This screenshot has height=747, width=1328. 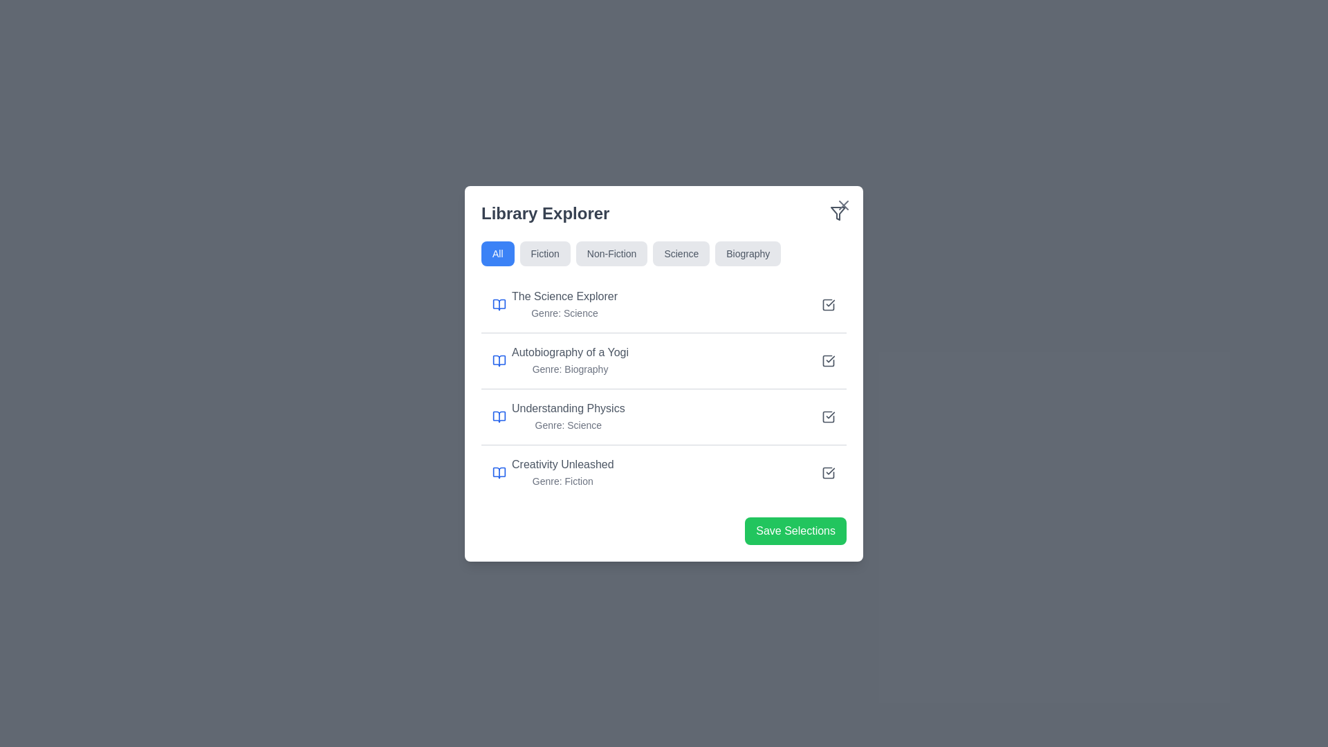 What do you see at coordinates (498, 360) in the screenshot?
I see `the book icon located in the second entry of the list under the 'Library Explorer' heading, which precedes the text 'Autobiography of a Yogi'` at bounding box center [498, 360].